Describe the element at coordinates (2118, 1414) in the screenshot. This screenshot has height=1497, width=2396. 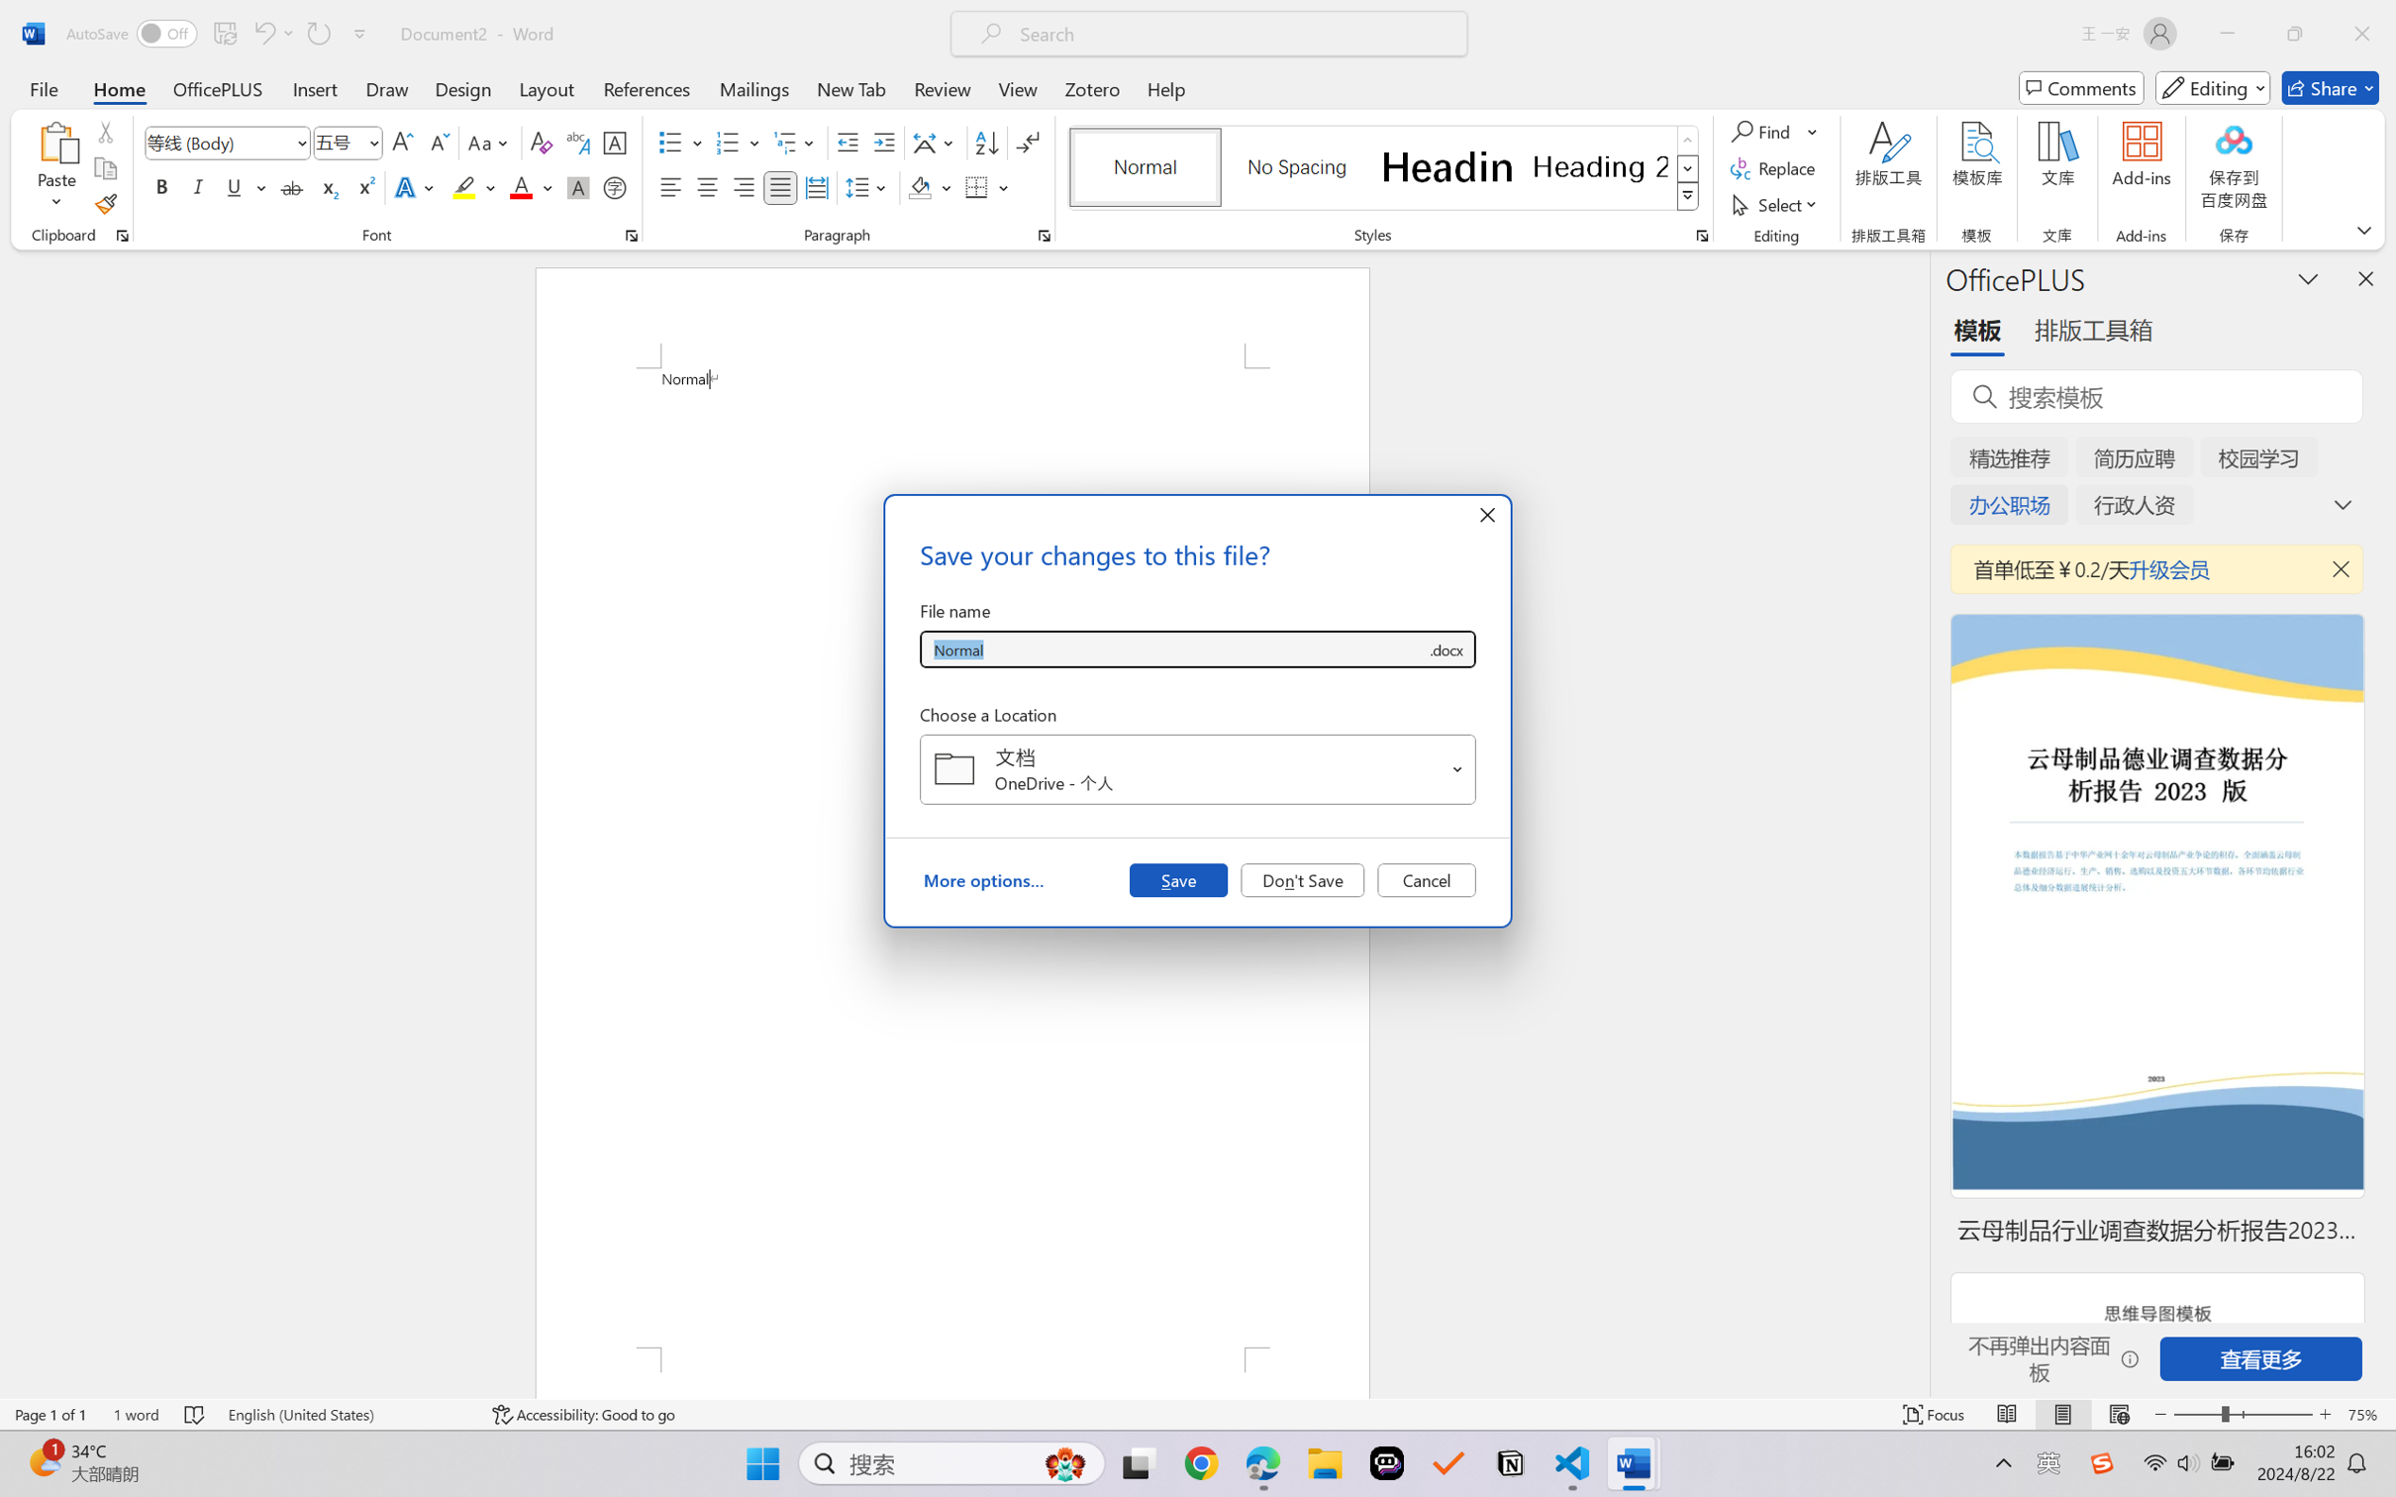
I see `'Web Layout'` at that location.